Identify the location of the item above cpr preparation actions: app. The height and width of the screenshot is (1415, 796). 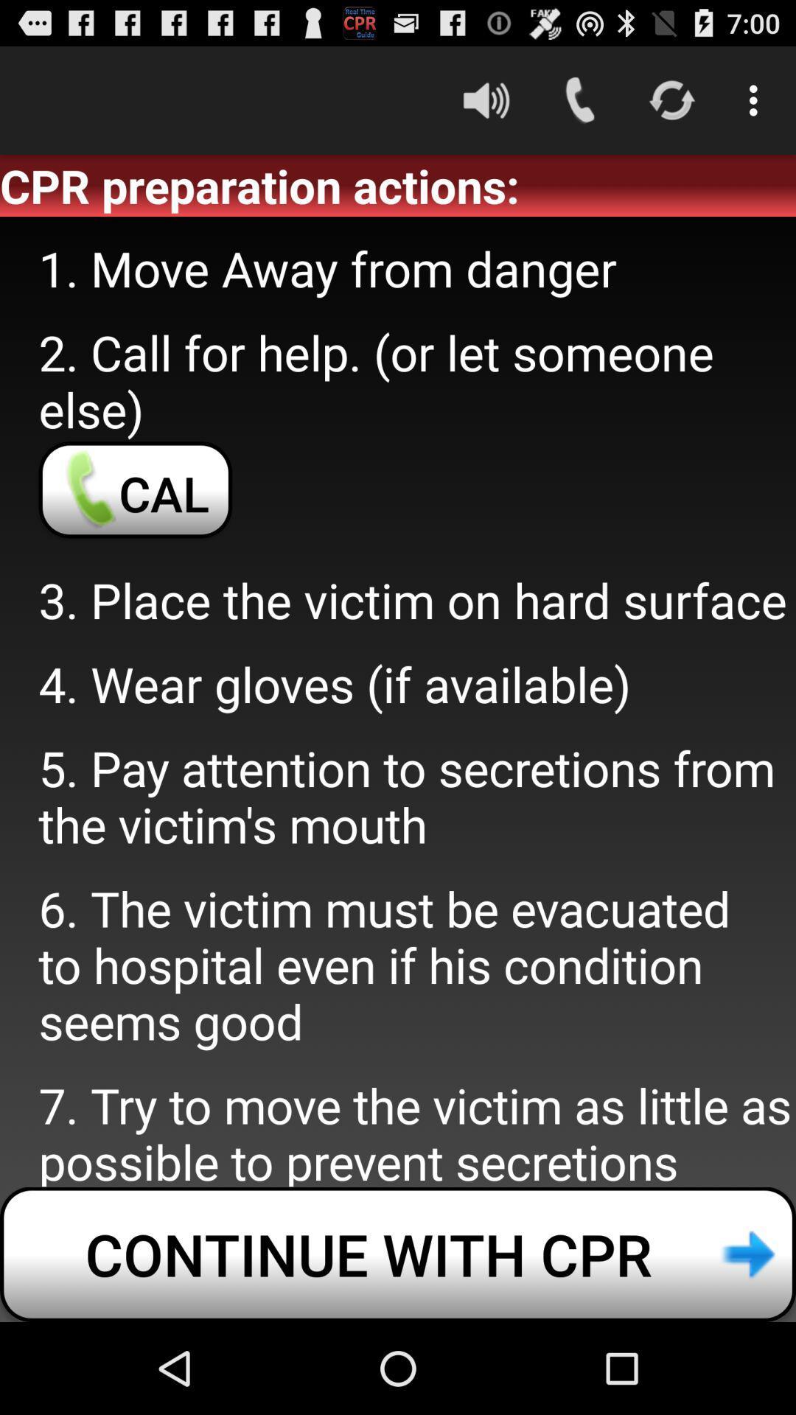
(486, 99).